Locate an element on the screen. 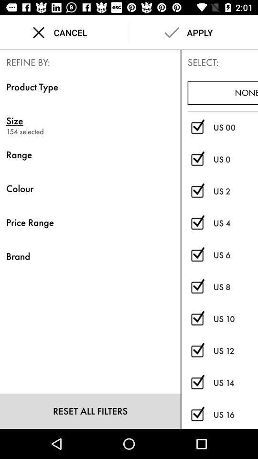  the item above us 8 icon is located at coordinates (235, 254).